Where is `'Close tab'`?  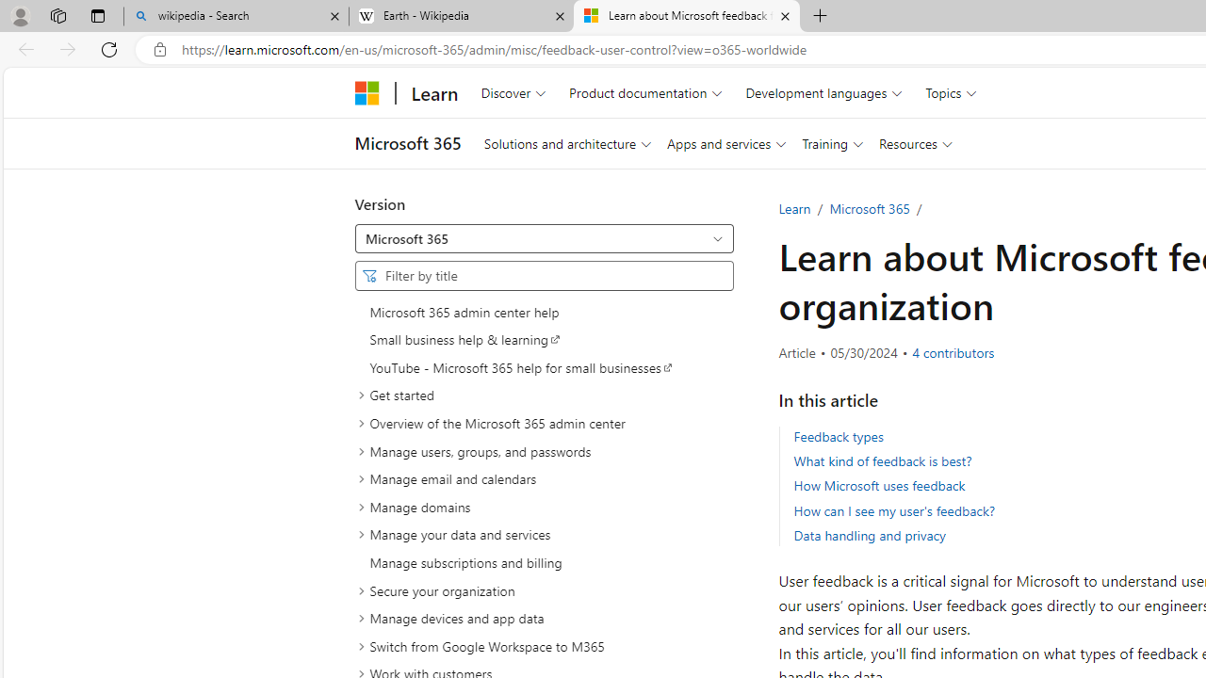 'Close tab' is located at coordinates (785, 16).